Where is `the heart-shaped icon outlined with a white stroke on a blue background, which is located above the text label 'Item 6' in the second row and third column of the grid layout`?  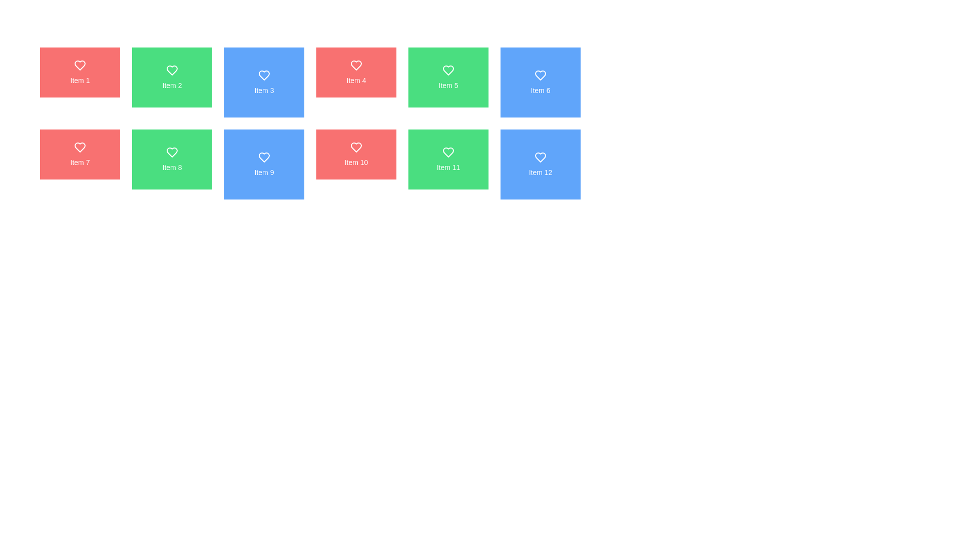 the heart-shaped icon outlined with a white stroke on a blue background, which is located above the text label 'Item 6' in the second row and third column of the grid layout is located at coordinates (540, 74).